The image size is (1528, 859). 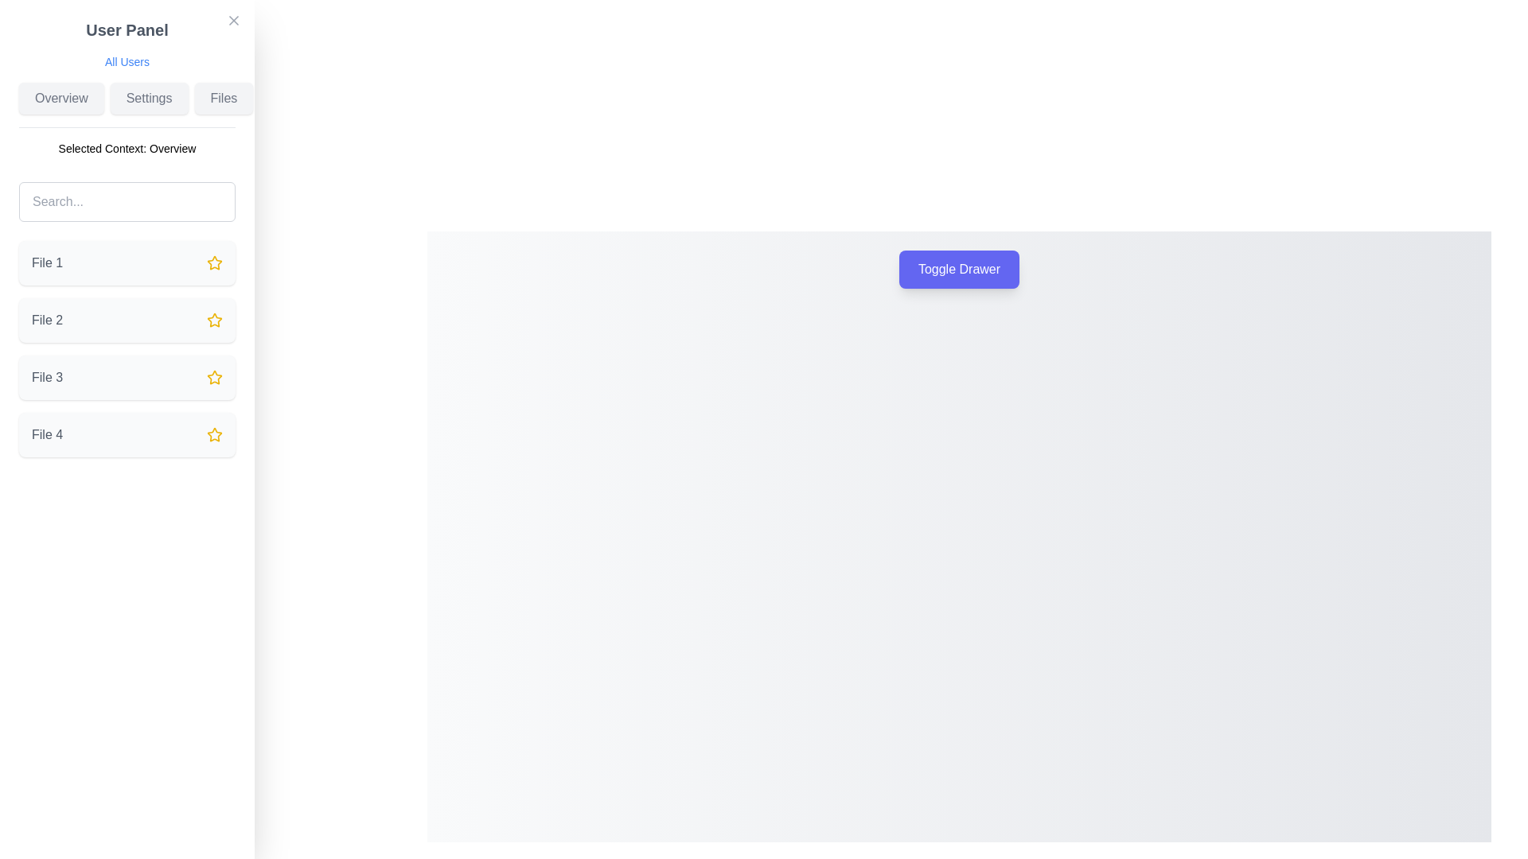 What do you see at coordinates (232, 21) in the screenshot?
I see `the small 'X' icon located at the top-left of the interface, adjacent to the 'User Panel' text label` at bounding box center [232, 21].